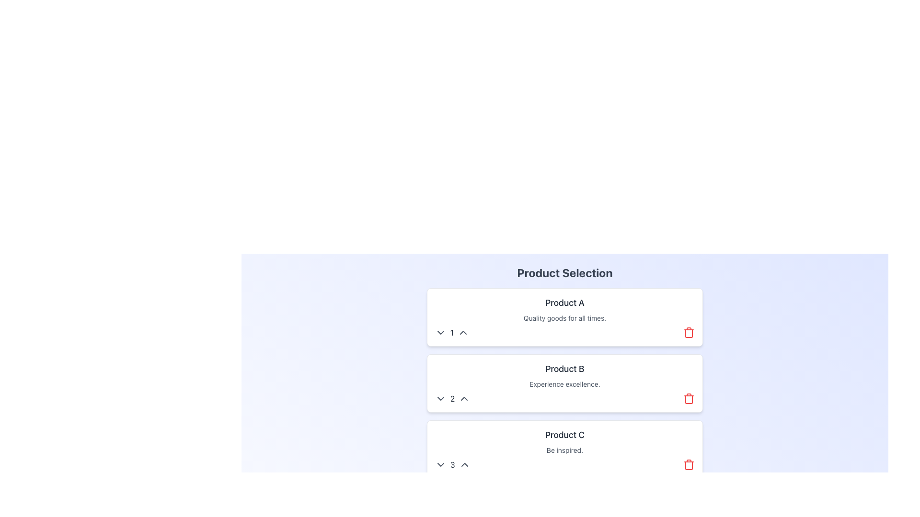 Image resolution: width=920 pixels, height=517 pixels. What do you see at coordinates (689, 332) in the screenshot?
I see `the red trash can icon at the right end of the topmost row in the vertical list` at bounding box center [689, 332].